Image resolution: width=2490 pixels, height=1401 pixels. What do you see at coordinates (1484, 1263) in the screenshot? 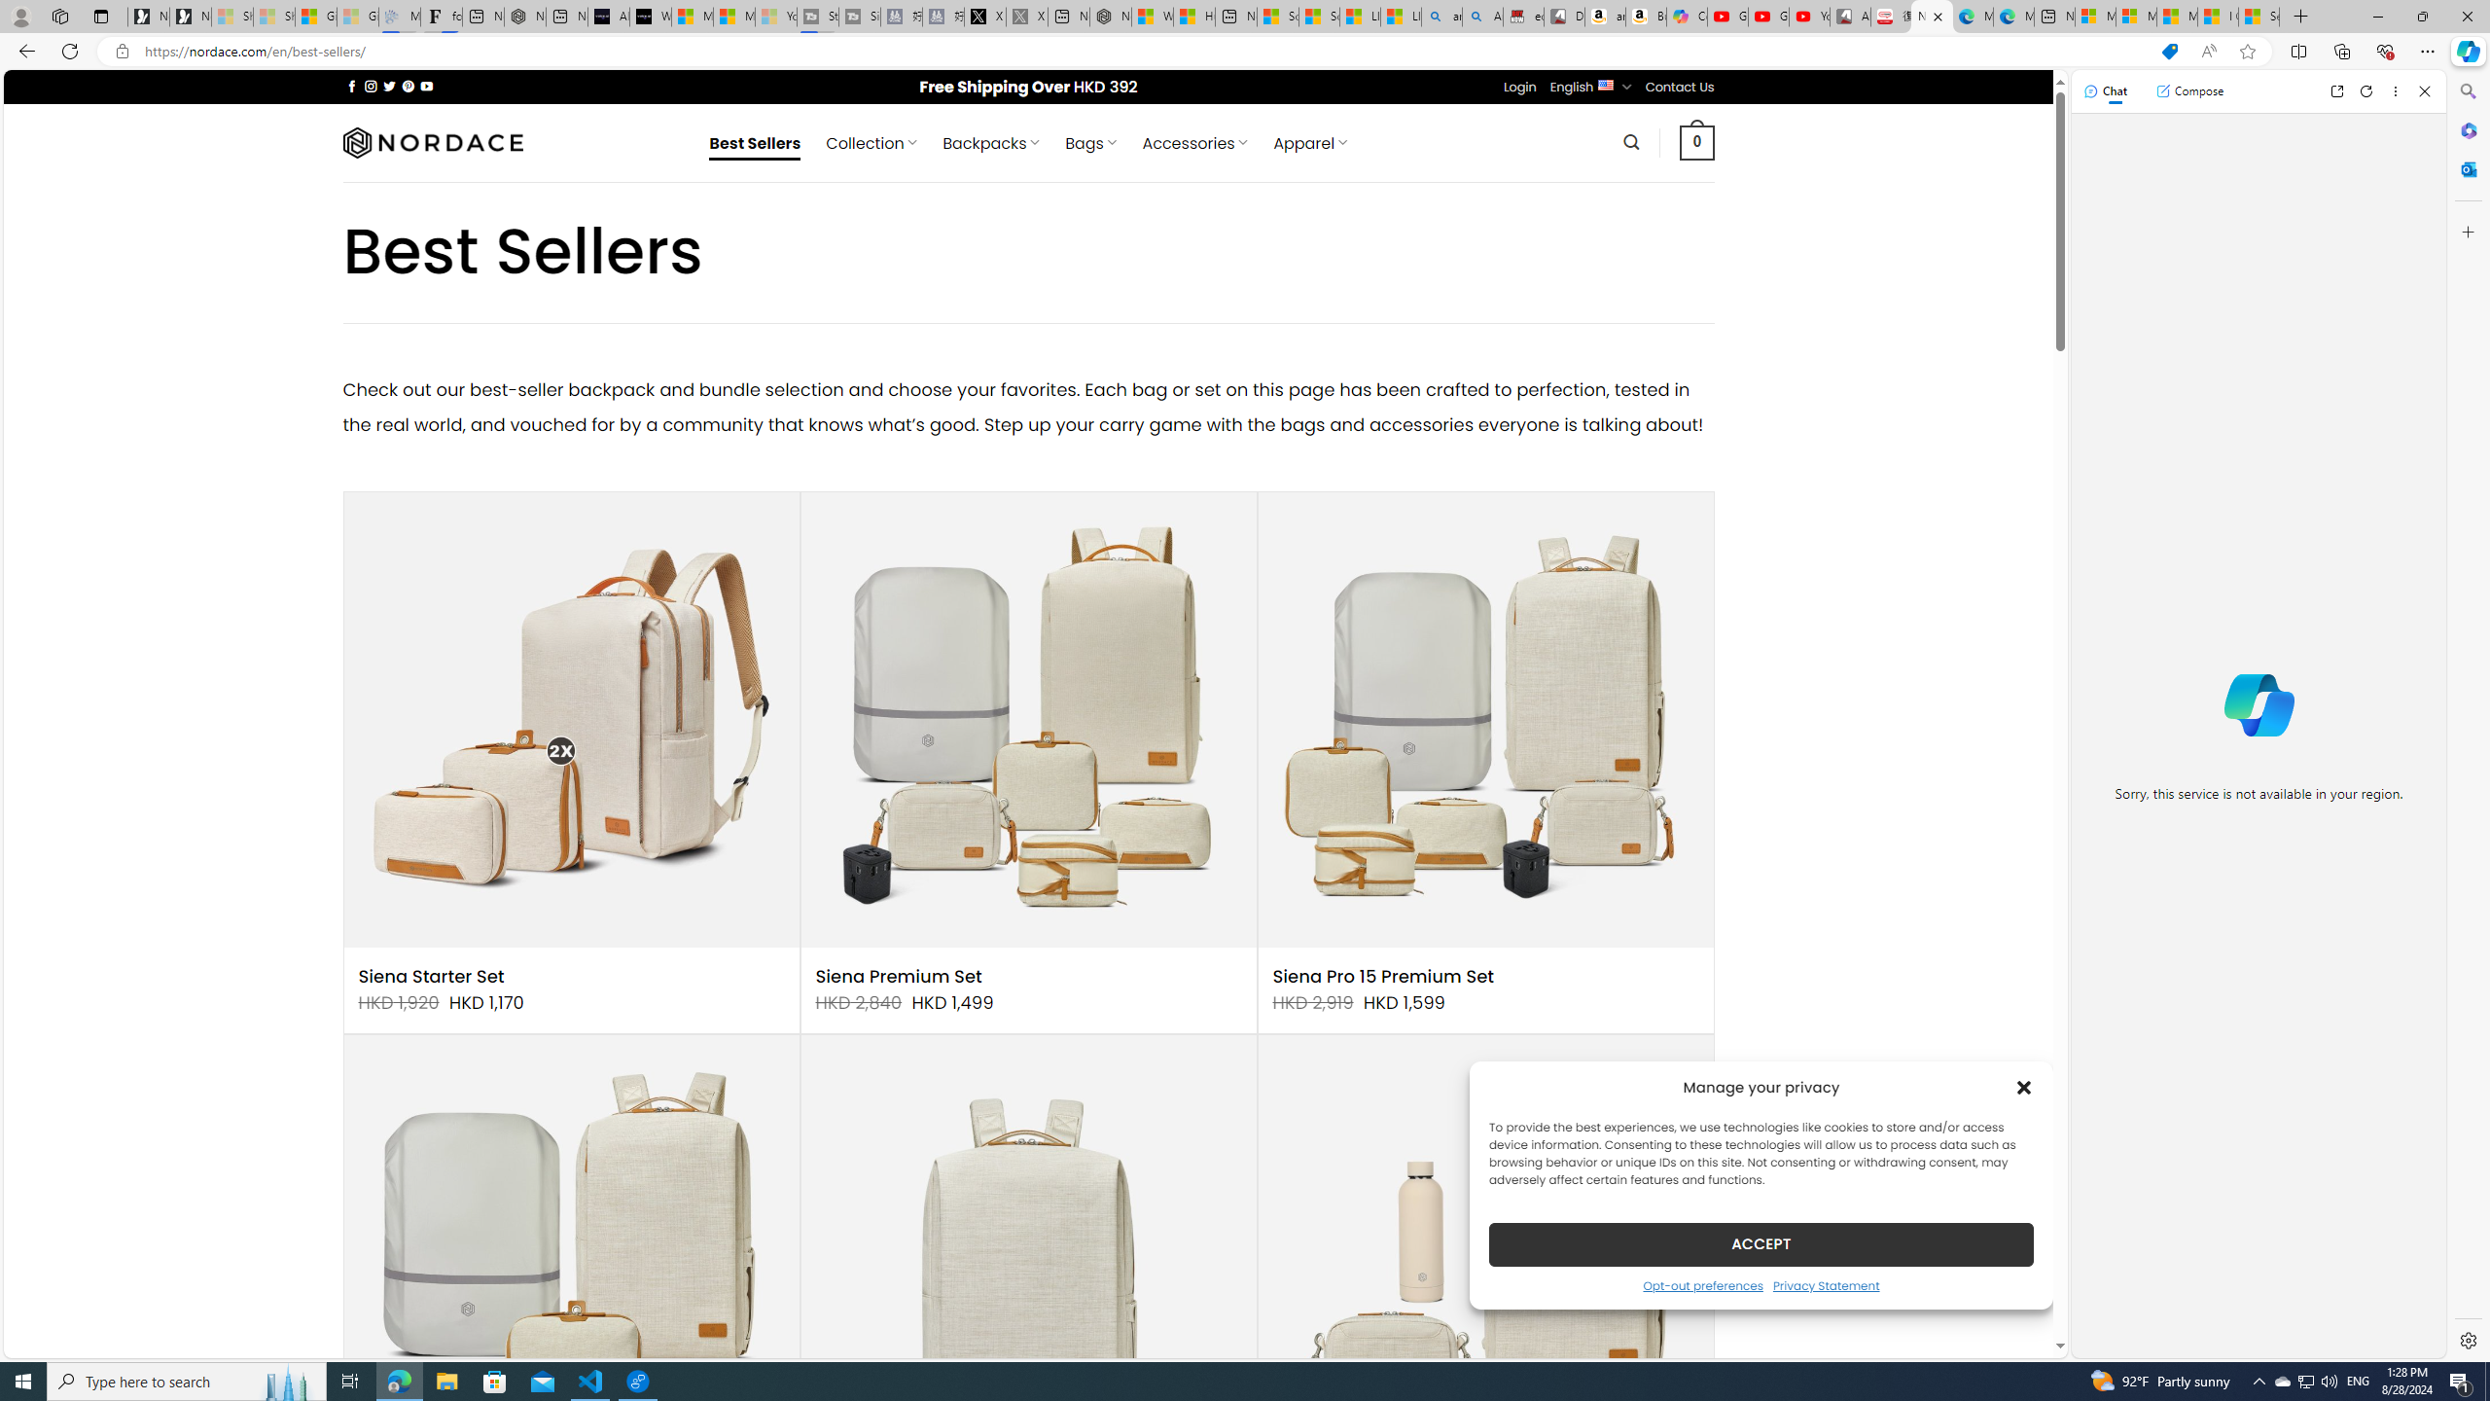
I see `'Siena Pro Daily Commute Set'` at bounding box center [1484, 1263].